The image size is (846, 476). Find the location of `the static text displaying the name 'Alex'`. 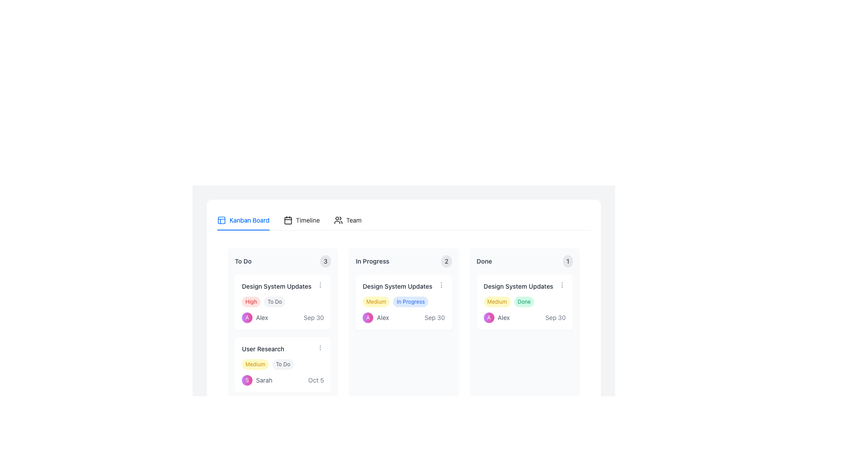

the static text displaying the name 'Alex' is located at coordinates (504, 318).